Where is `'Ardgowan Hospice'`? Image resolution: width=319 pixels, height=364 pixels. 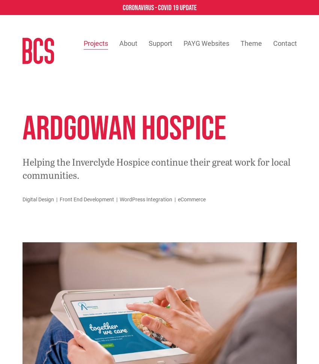
'Ardgowan Hospice' is located at coordinates (124, 127).